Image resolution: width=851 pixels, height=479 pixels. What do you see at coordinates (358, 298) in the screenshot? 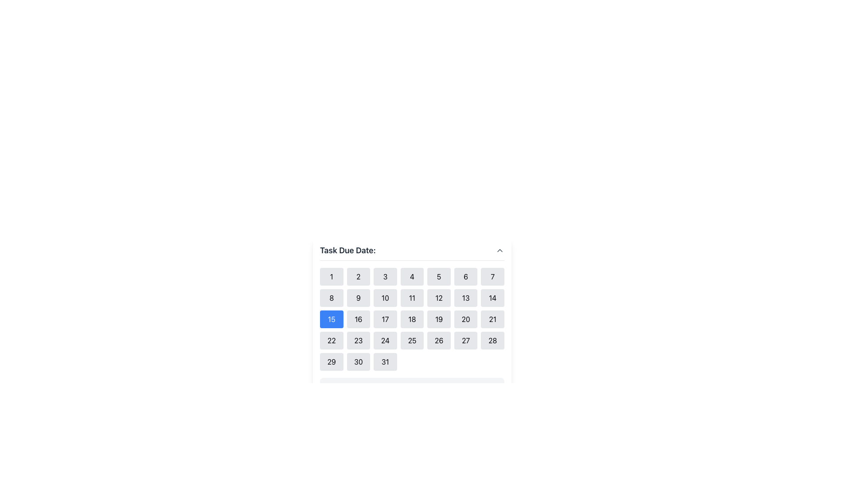
I see `the button labeled '9' which is a small rectangular button with rounded corners and a light gray background, located in the second row and second column of the calendar grid layout` at bounding box center [358, 298].